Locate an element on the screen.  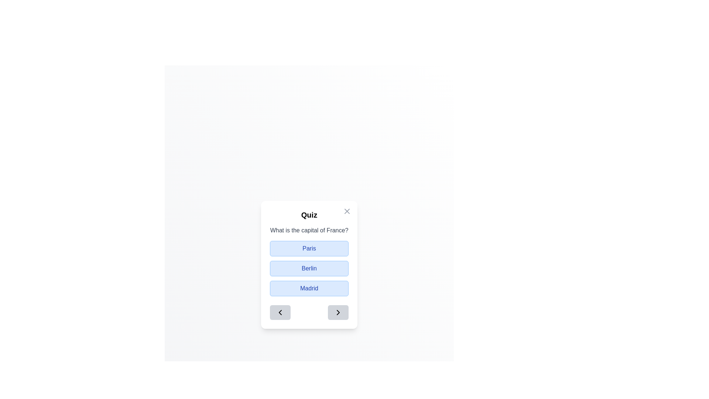
the prominent 'X' icon styled with a rounded finish located near the top-right corner of the modal window is located at coordinates (347, 211).